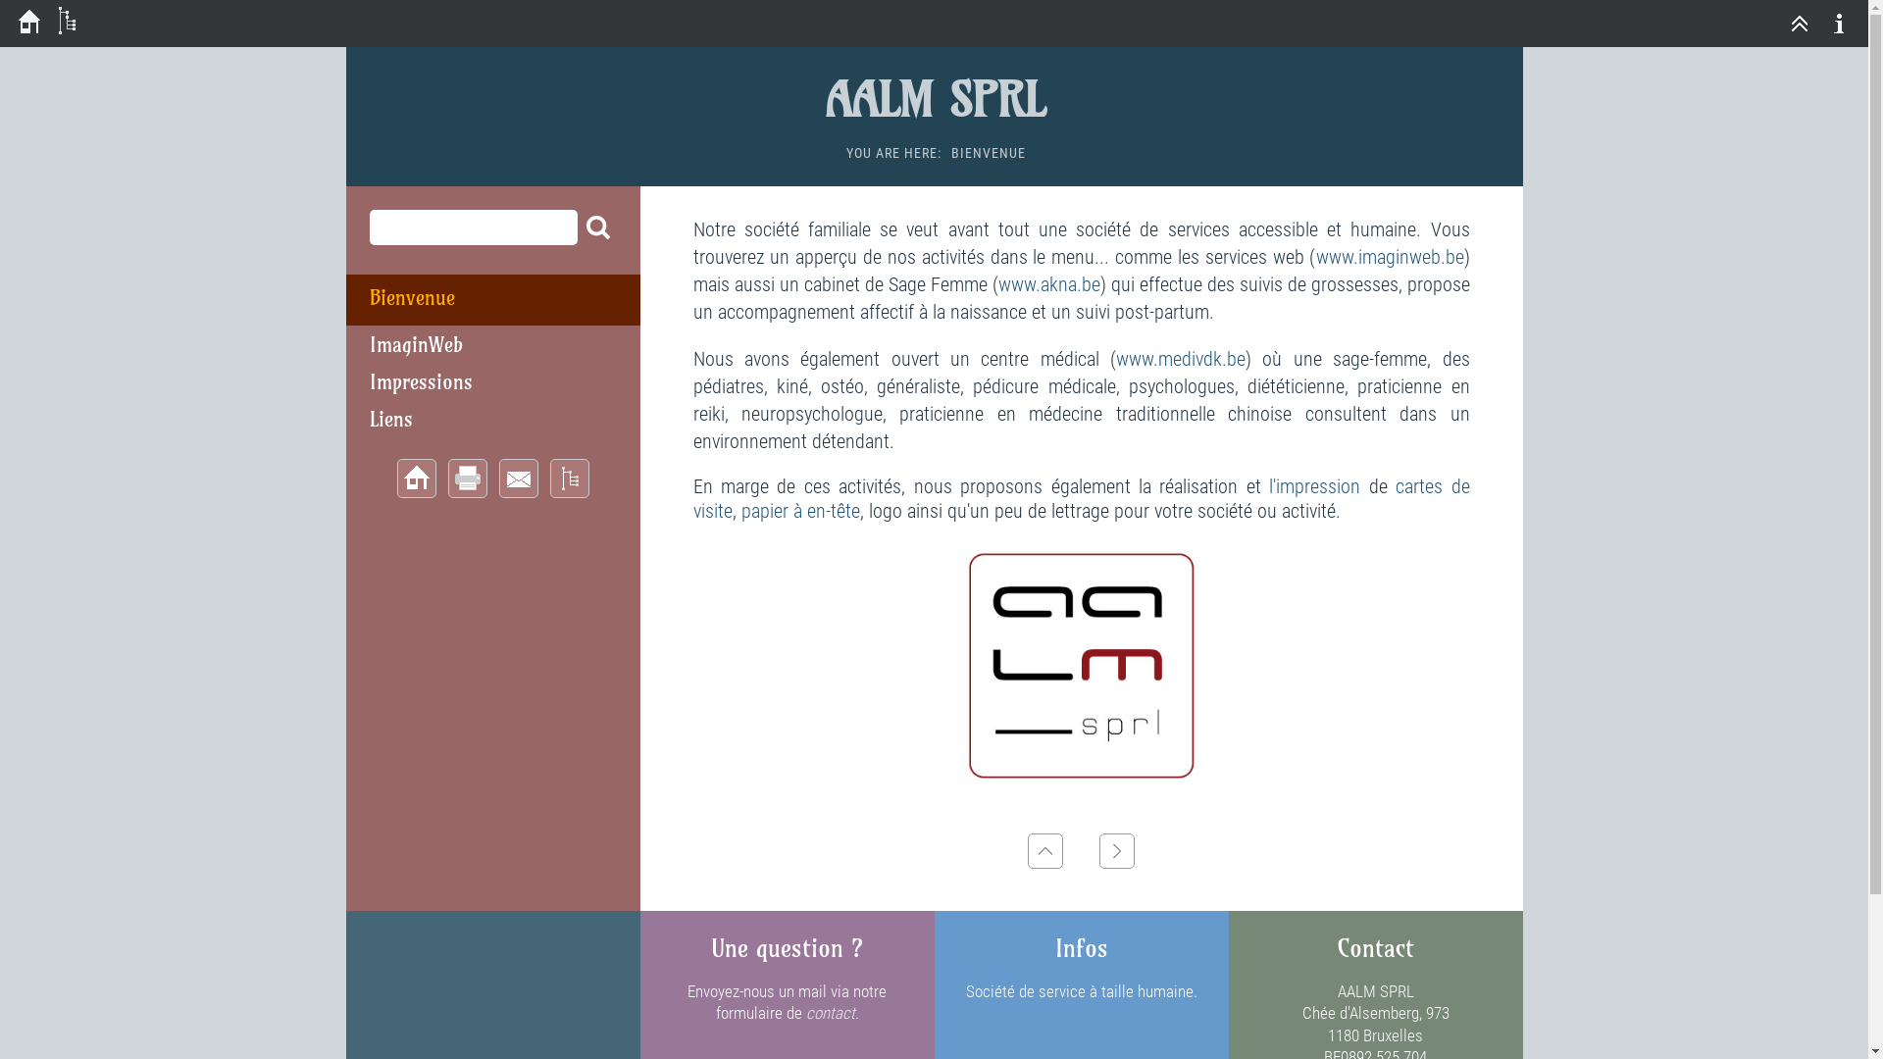 This screenshot has width=1883, height=1059. Describe the element at coordinates (419, 381) in the screenshot. I see `'Impressions'` at that location.